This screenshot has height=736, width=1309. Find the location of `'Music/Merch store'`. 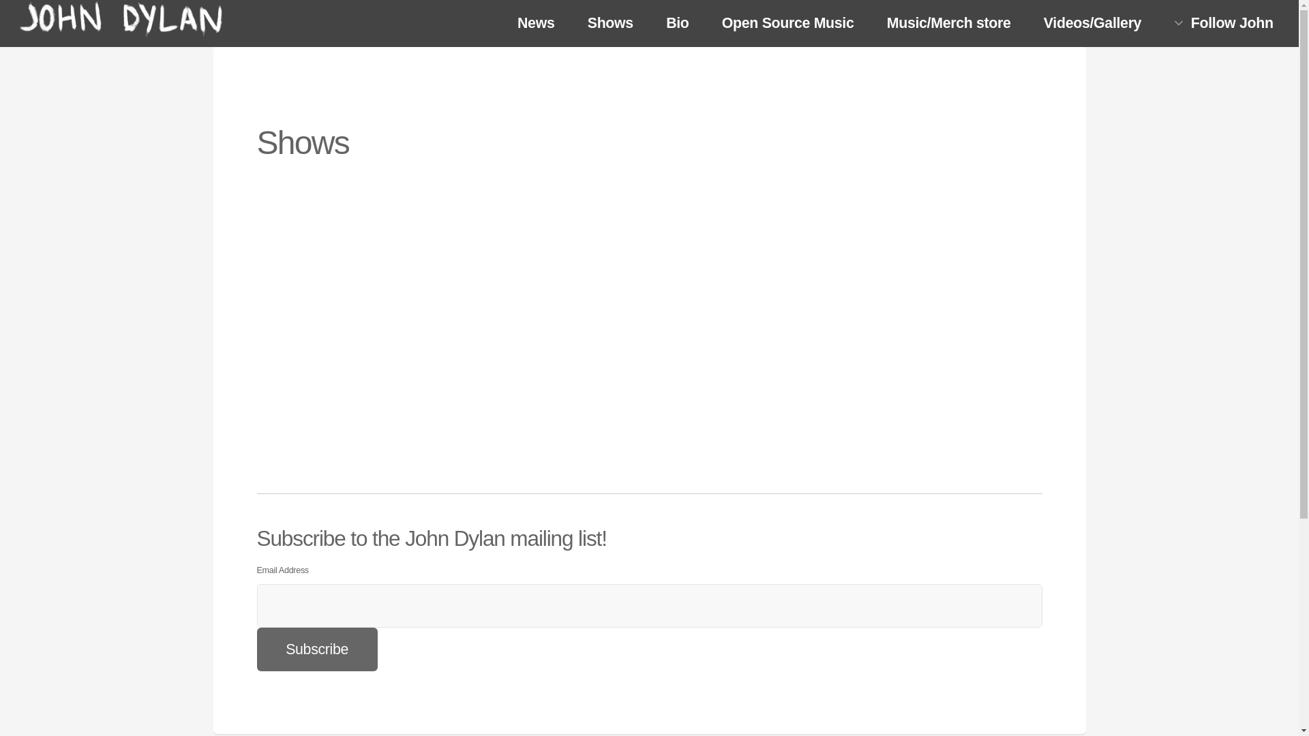

'Music/Merch store' is located at coordinates (871, 24).